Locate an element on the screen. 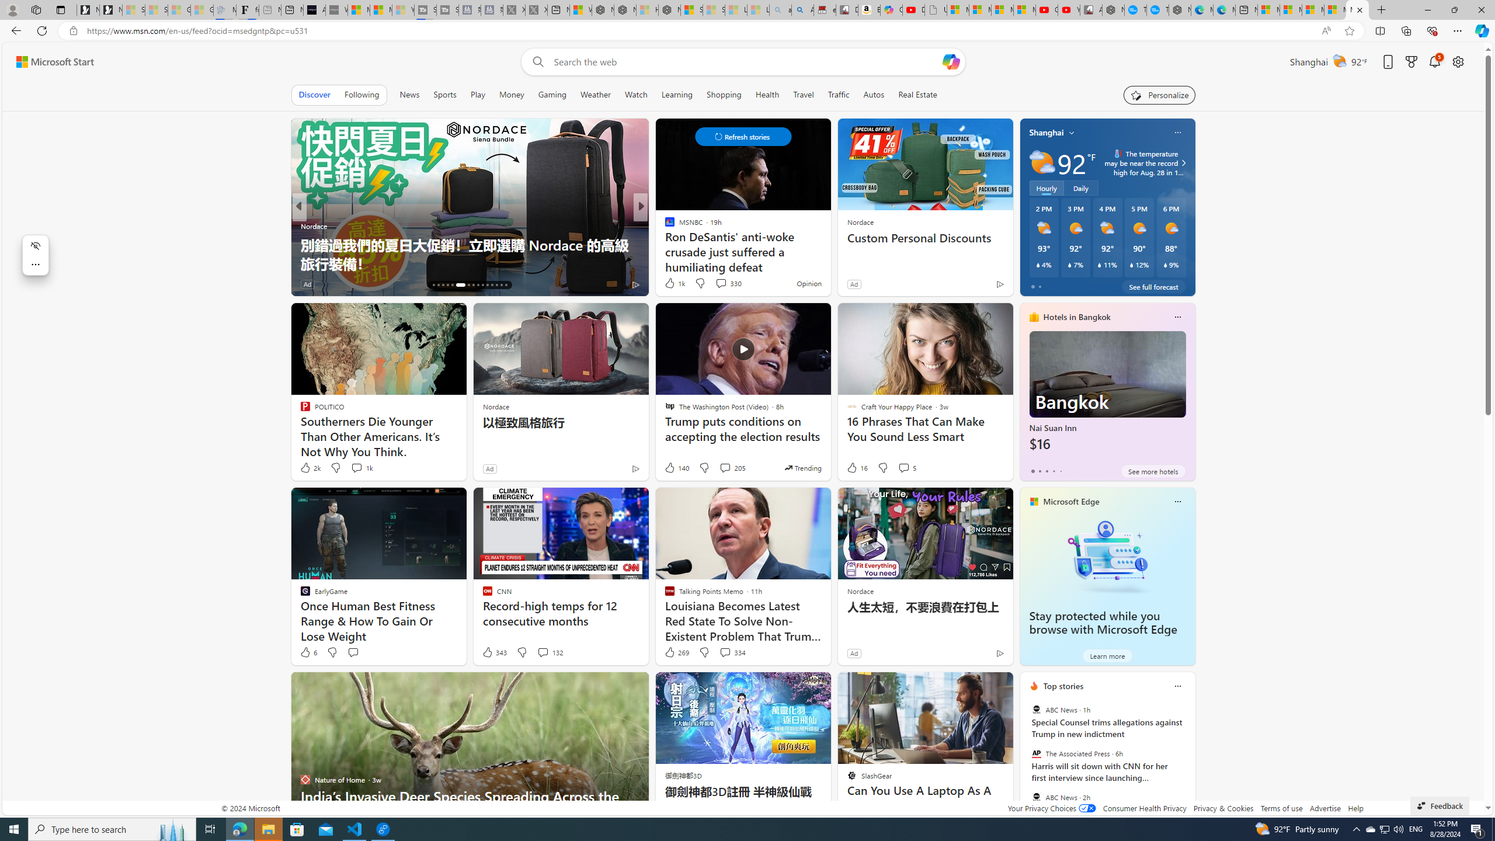 This screenshot has width=1495, height=841. 'View comments 2 Comment' is located at coordinates (721, 284).